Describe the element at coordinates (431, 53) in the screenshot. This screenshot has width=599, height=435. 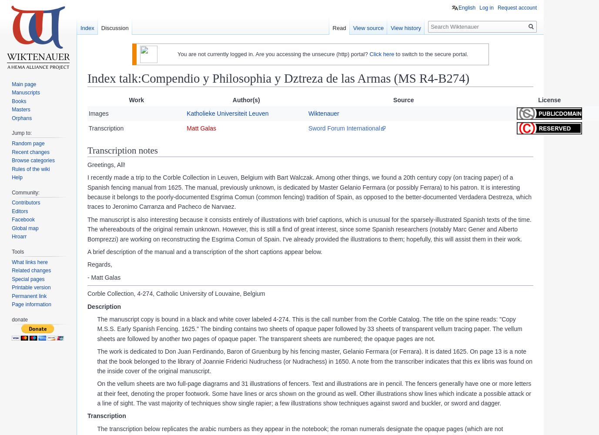
I see `'to switch to the secure portal.'` at that location.